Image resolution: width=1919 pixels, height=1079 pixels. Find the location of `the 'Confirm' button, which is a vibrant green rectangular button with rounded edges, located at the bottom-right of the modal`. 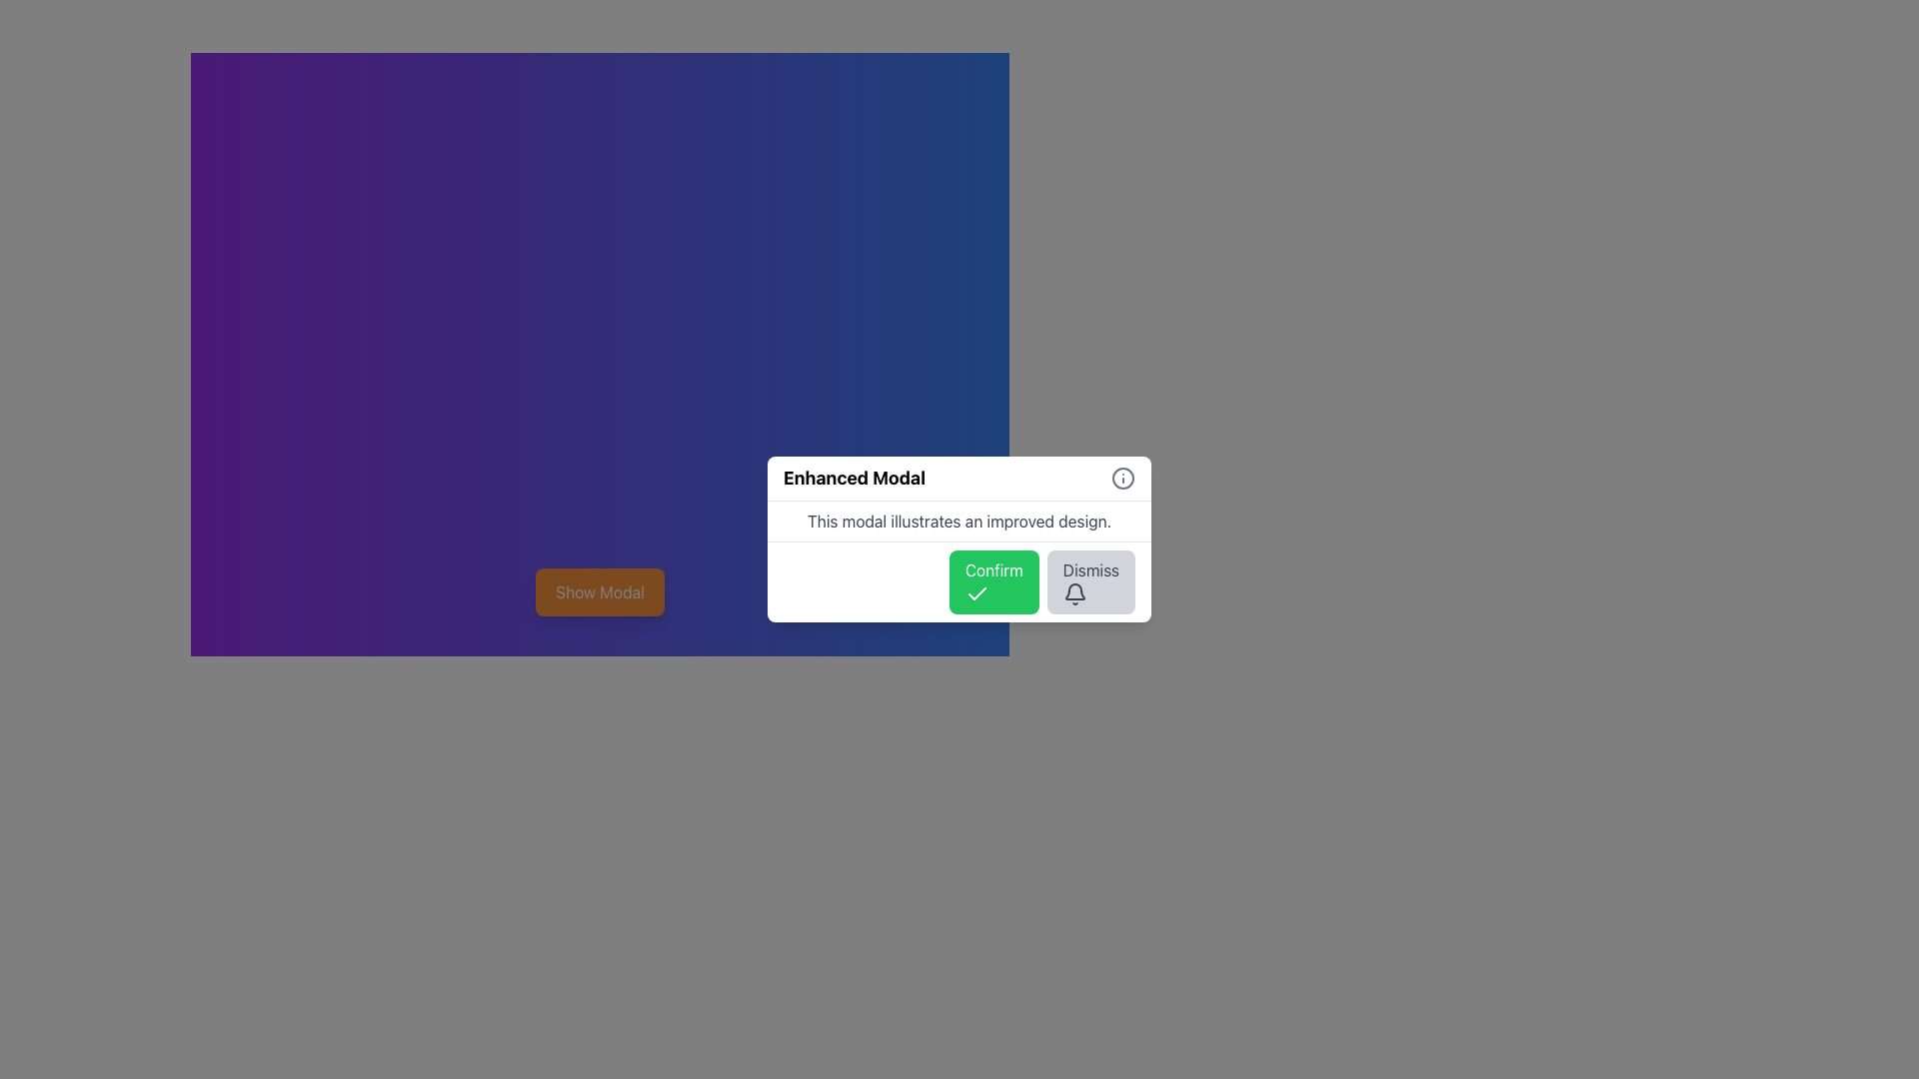

the 'Confirm' button, which is a vibrant green rectangular button with rounded edges, located at the bottom-right of the modal is located at coordinates (993, 581).